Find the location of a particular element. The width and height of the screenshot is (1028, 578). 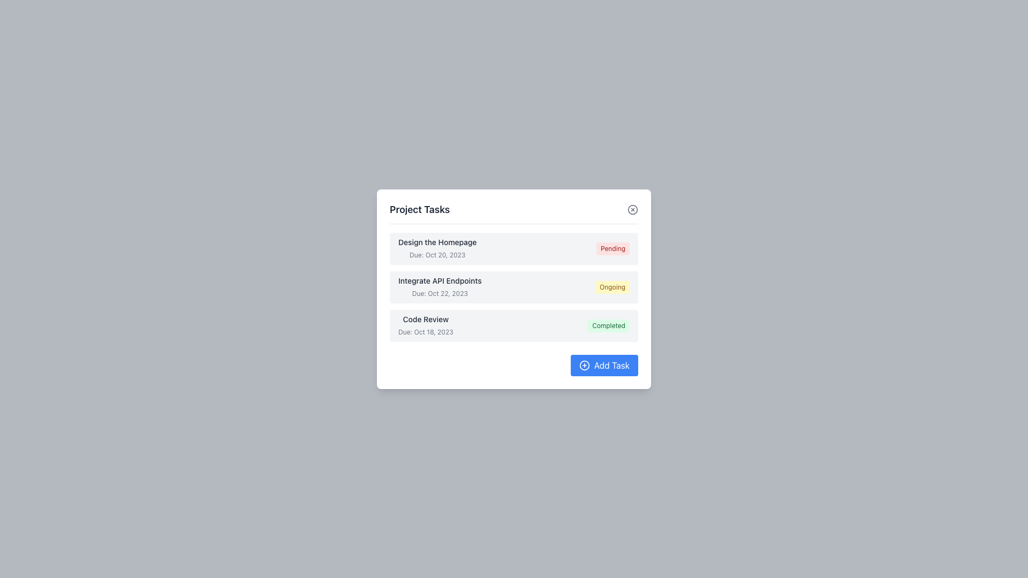

the Text Display showing the task title 'Code Review' and the due date 'Due: Oct 18, 2023', located in the middle-left corner of the task card is located at coordinates (425, 325).